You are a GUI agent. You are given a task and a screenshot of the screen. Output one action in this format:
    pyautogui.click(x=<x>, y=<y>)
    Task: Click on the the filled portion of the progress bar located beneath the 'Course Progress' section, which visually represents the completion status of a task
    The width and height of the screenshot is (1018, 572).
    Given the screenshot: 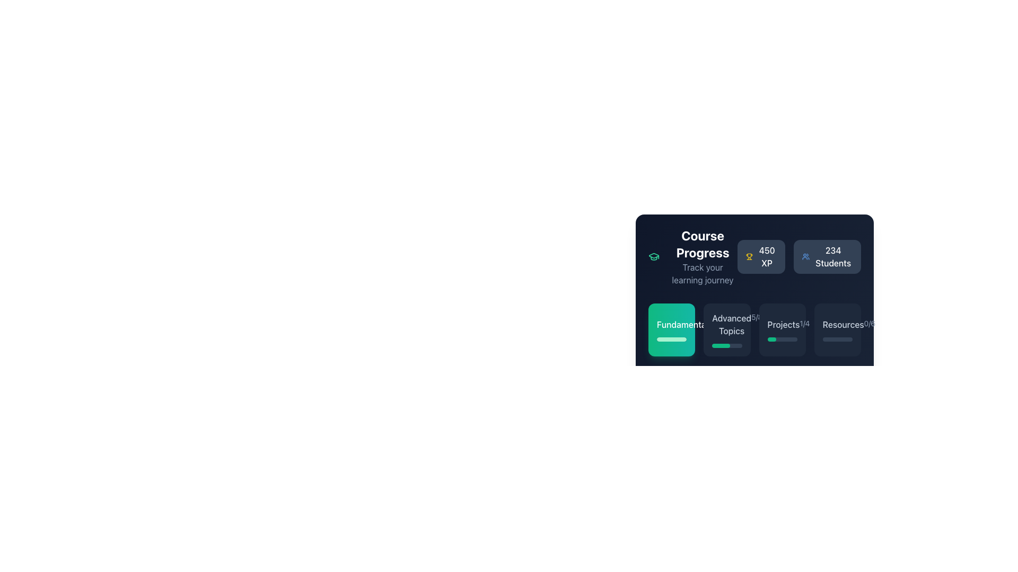 What is the action you would take?
    pyautogui.click(x=721, y=345)
    